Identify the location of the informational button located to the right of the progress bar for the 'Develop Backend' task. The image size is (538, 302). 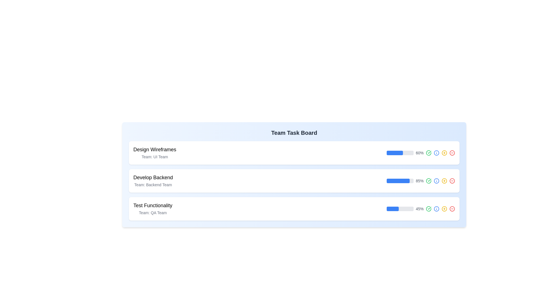
(436, 181).